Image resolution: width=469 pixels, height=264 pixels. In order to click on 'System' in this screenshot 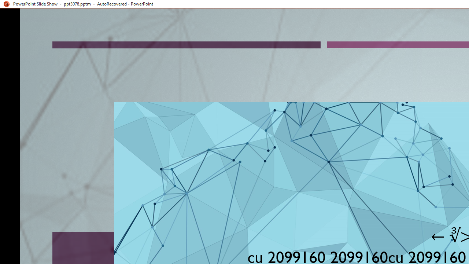, I will do `click(4, 4)`.